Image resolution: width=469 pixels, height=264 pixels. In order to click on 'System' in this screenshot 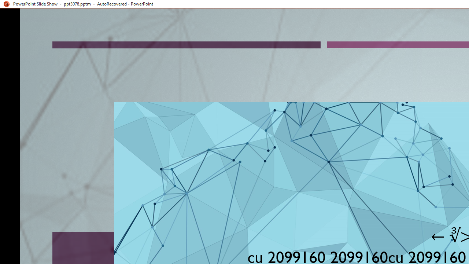, I will do `click(4, 4)`.